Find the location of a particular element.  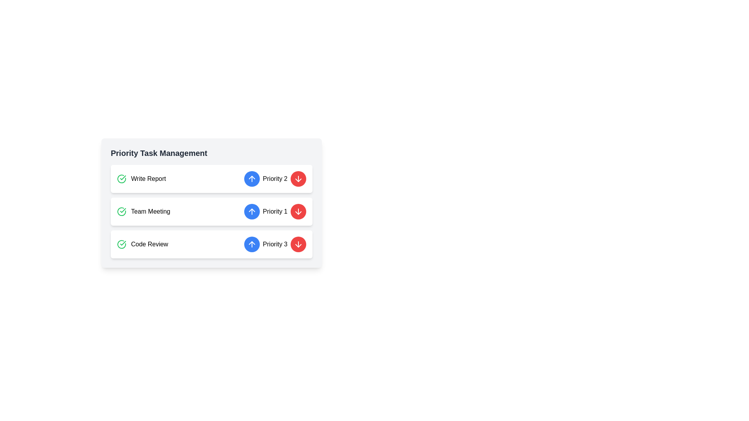

the Circular downward-pointing arrow button with a red background and white icon, located in the row labeled 'Priority 1' is located at coordinates (298, 212).